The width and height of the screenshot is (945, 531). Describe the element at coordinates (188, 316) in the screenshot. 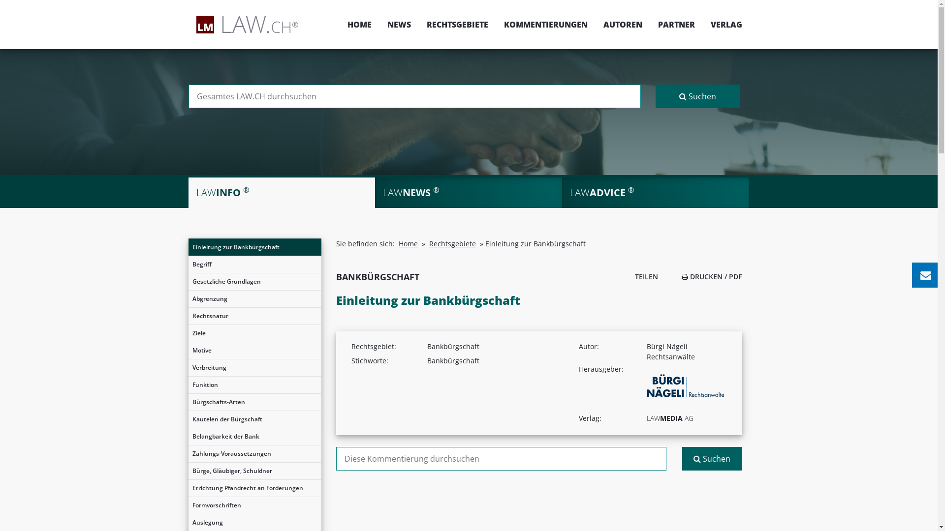

I see `'Rechtsnatur'` at that location.